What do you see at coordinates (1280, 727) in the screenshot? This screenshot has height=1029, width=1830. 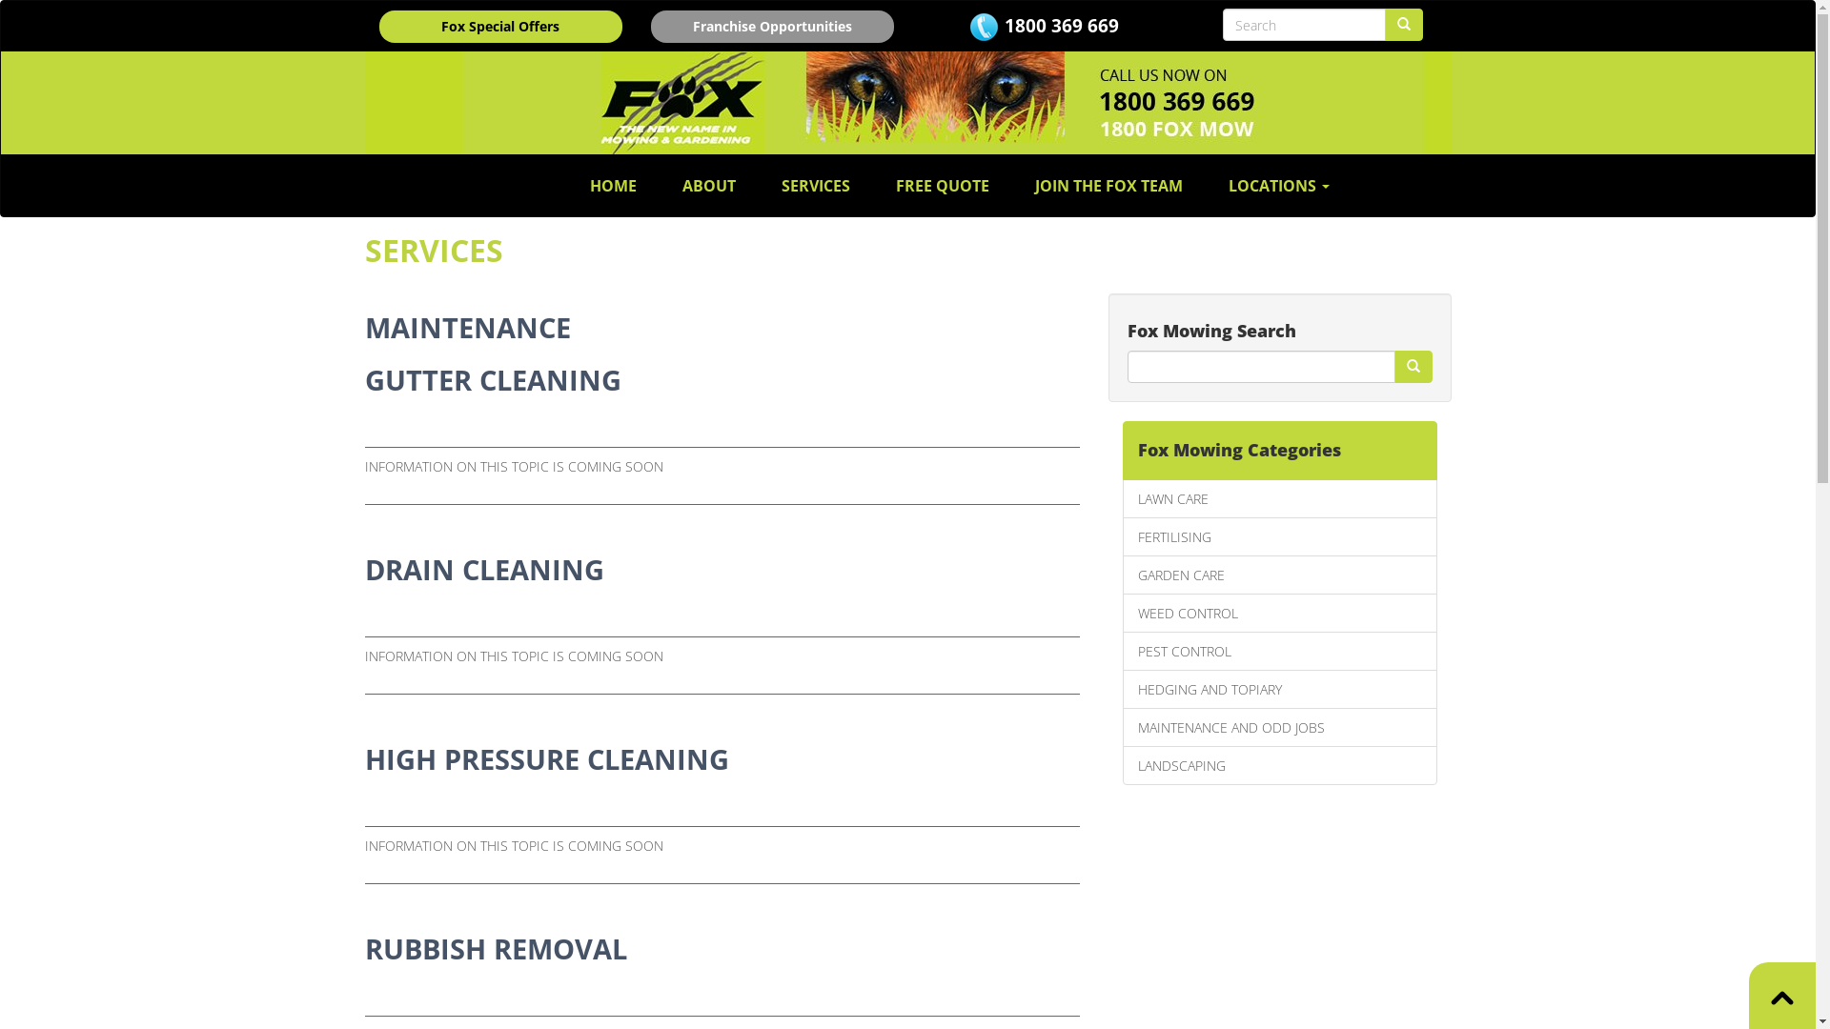 I see `'MAINTENANCE AND ODD JOBS'` at bounding box center [1280, 727].